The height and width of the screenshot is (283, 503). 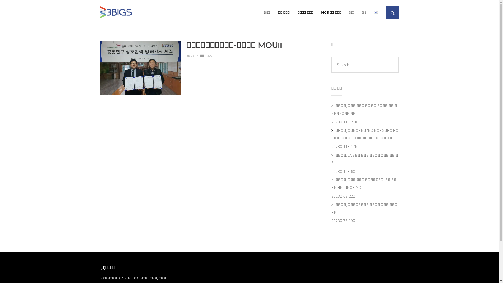 I want to click on 'MOU', so click(x=210, y=55).